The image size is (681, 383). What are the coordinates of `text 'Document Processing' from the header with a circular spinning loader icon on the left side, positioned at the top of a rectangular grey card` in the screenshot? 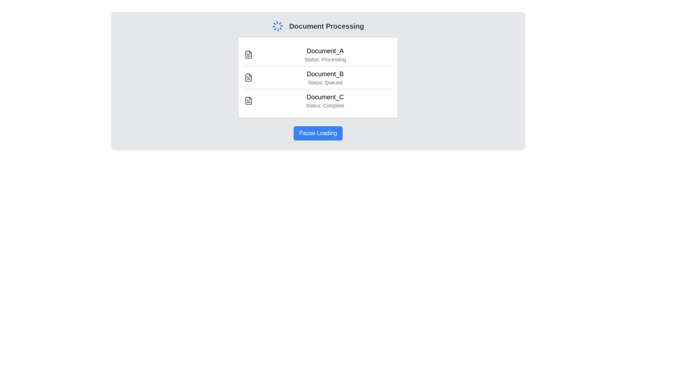 It's located at (318, 26).